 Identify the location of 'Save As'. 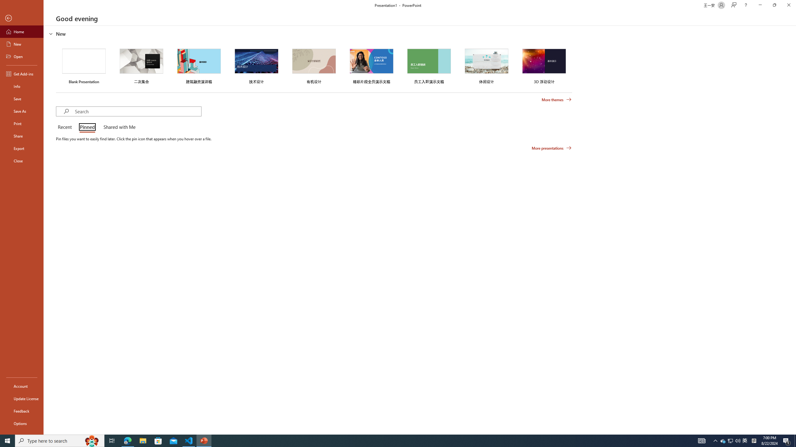
(21, 111).